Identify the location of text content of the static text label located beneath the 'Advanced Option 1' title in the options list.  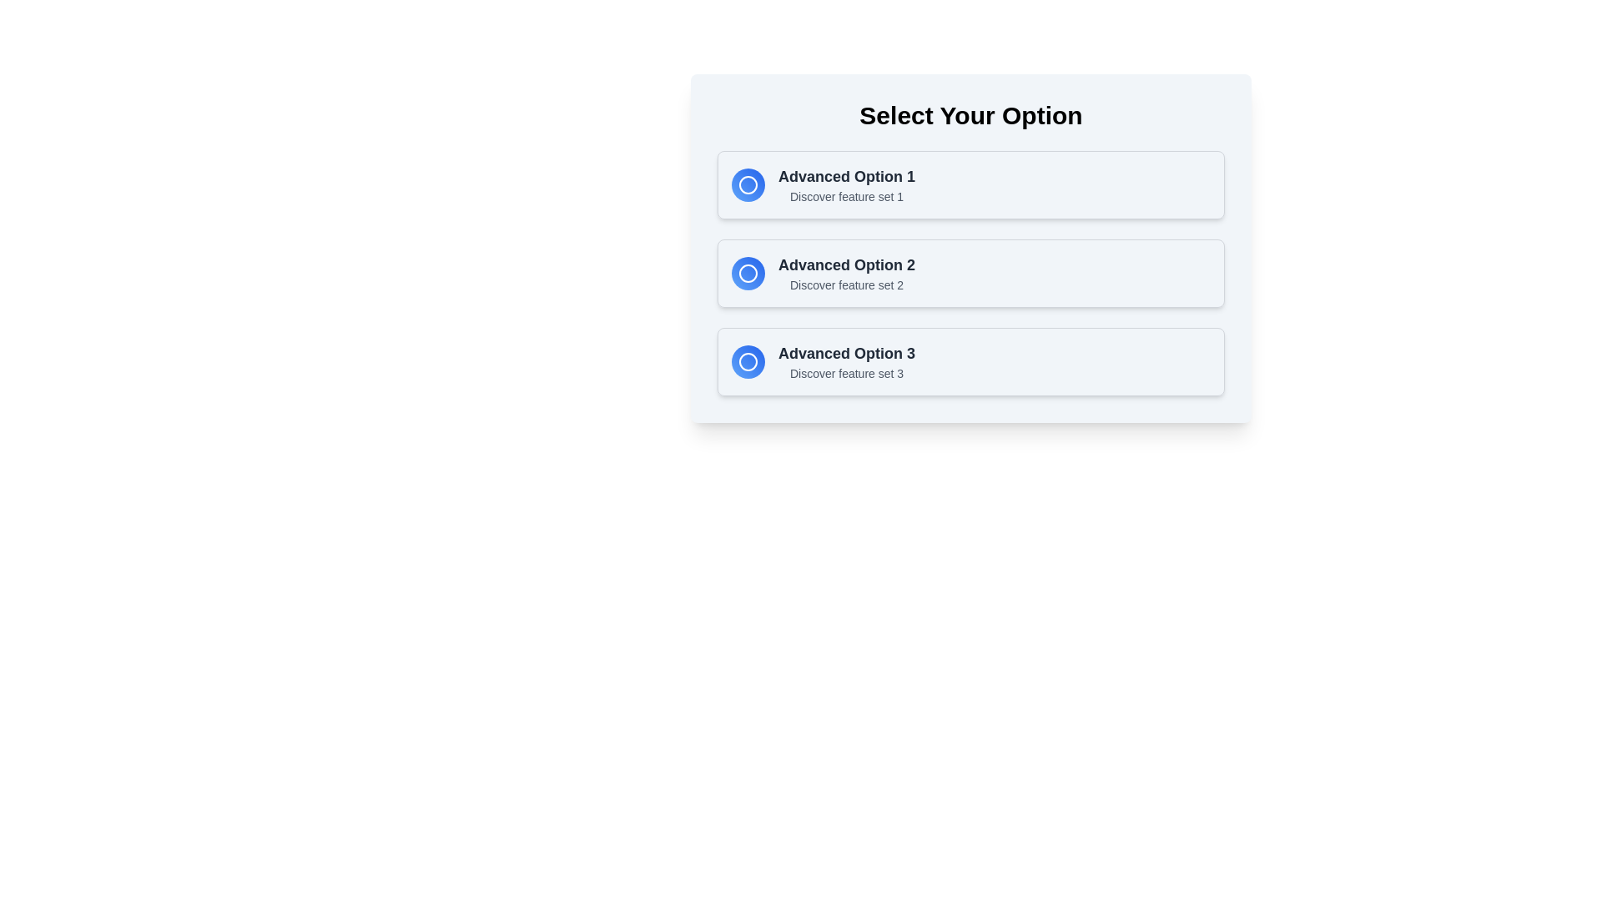
(847, 195).